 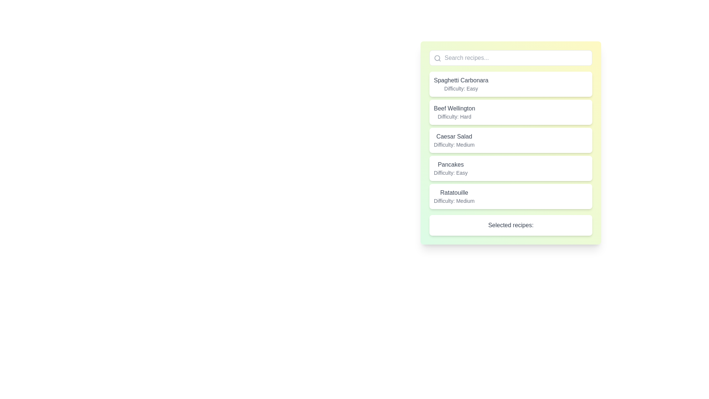 I want to click on the recipe entry text display area that shows the name and difficulty level of the recipe, which is the second item in a vertical list of recipe entries, so click(x=454, y=112).